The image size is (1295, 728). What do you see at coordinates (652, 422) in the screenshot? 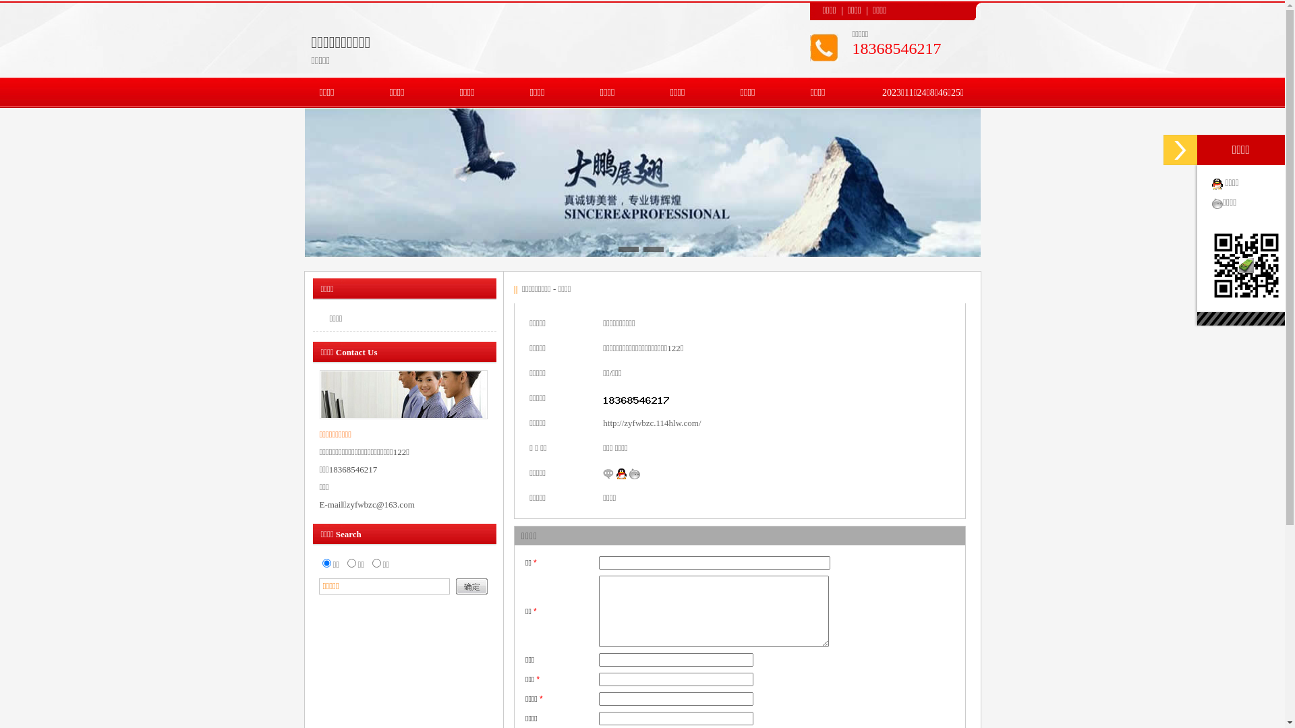
I see `'http://zyfwbzc.114hlw.com/'` at bounding box center [652, 422].